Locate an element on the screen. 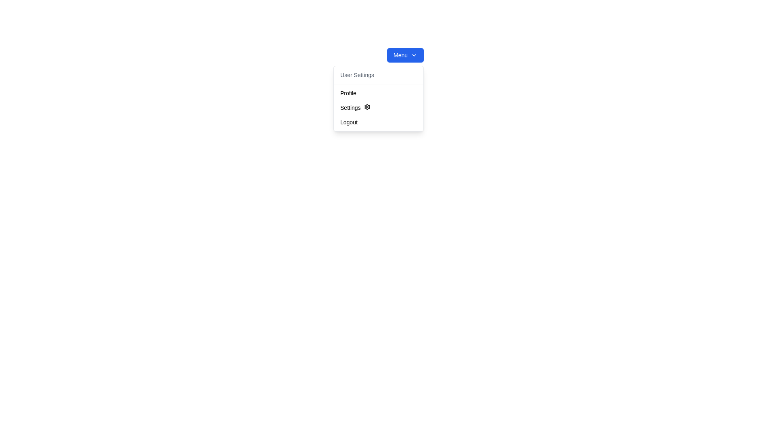 The width and height of the screenshot is (775, 436). the 'Logout' button located at the bottom of the dropdown menu, which changes color to gray when hovered over, to log out is located at coordinates (378, 122).